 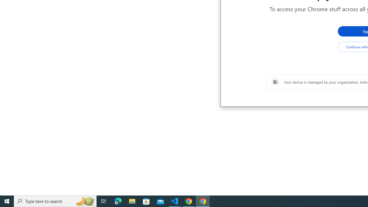 What do you see at coordinates (85, 201) in the screenshot?
I see `'Search highlights icon opens search home window'` at bounding box center [85, 201].